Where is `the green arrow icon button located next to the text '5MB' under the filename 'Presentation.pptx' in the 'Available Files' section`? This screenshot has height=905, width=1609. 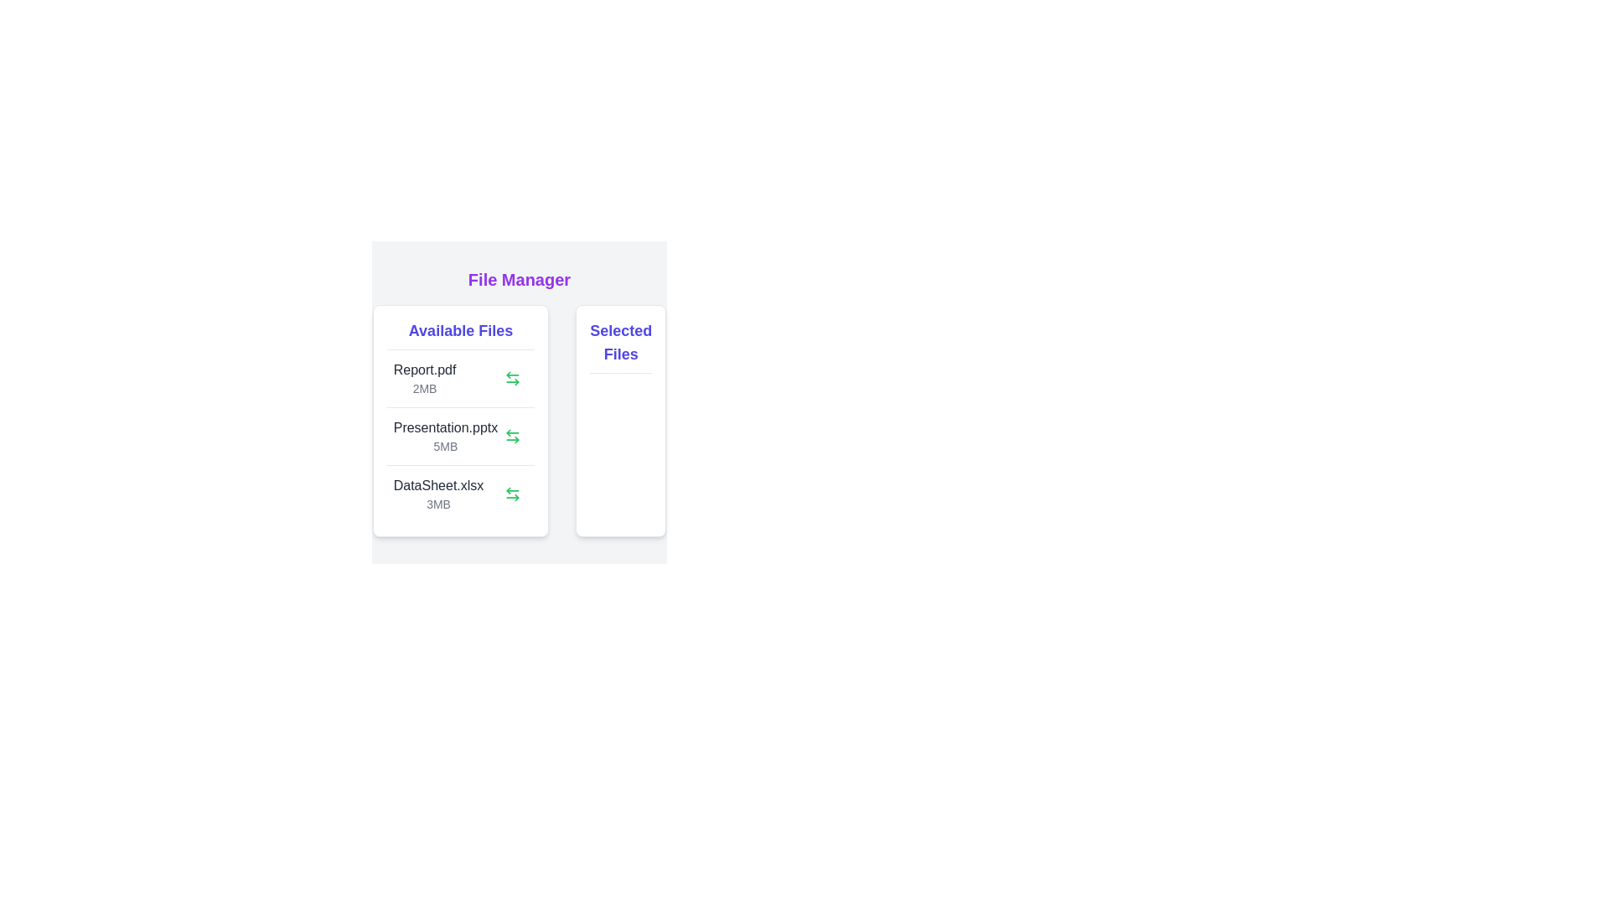 the green arrow icon button located next to the text '5MB' under the filename 'Presentation.pptx' in the 'Available Files' section is located at coordinates (512, 435).